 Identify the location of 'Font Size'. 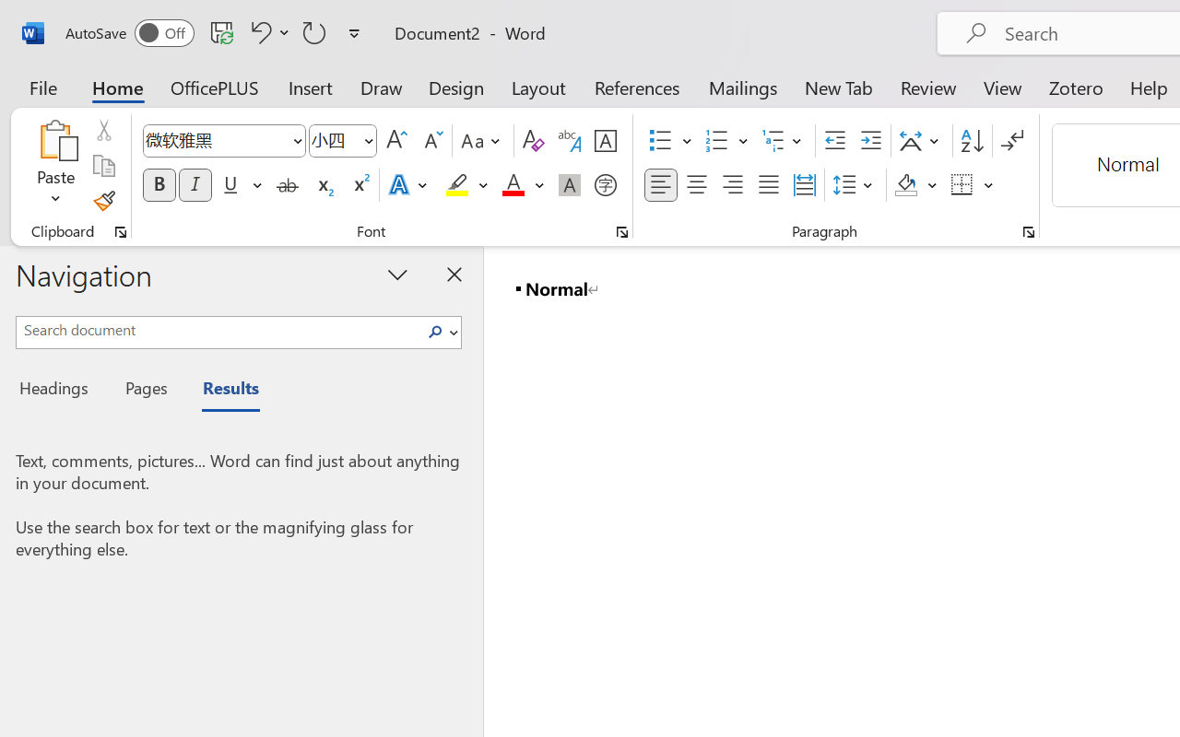
(334, 140).